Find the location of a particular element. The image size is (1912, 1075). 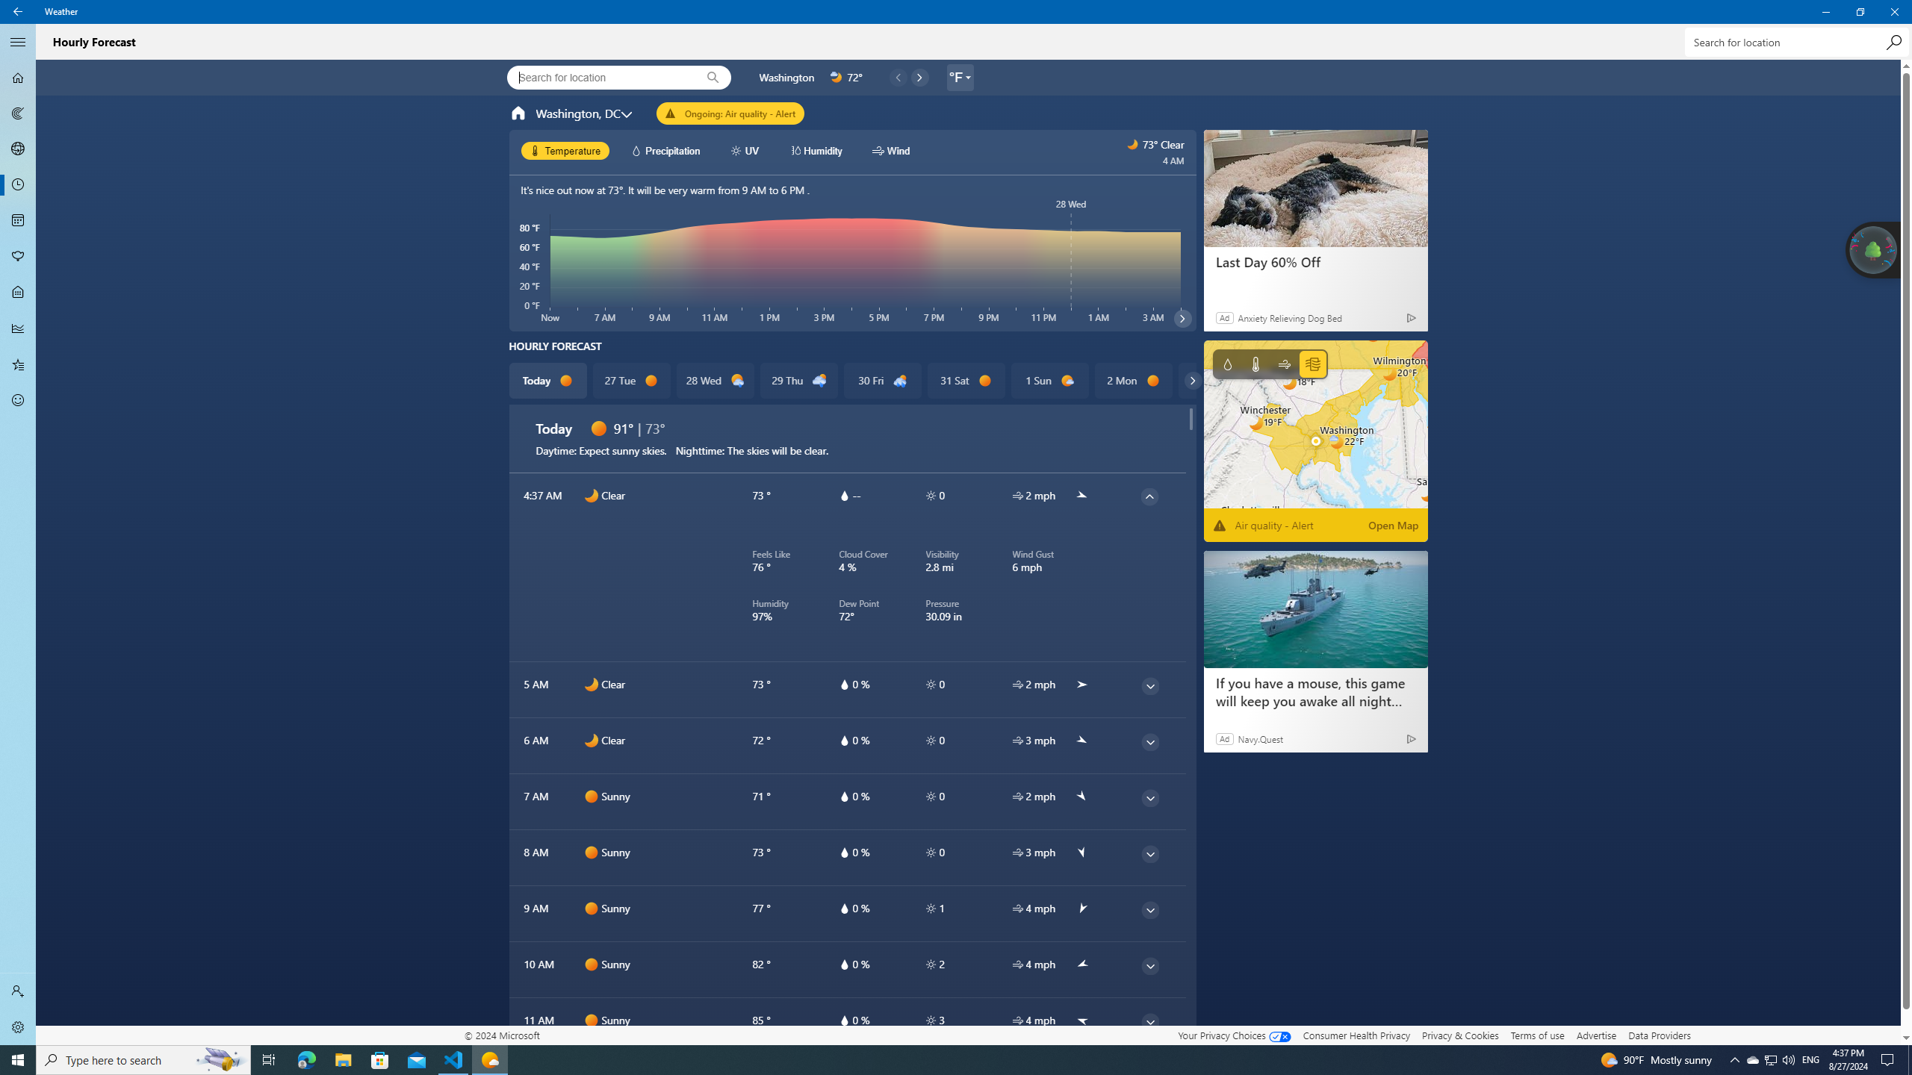

'Send Feedback - Not Selected' is located at coordinates (18, 400).